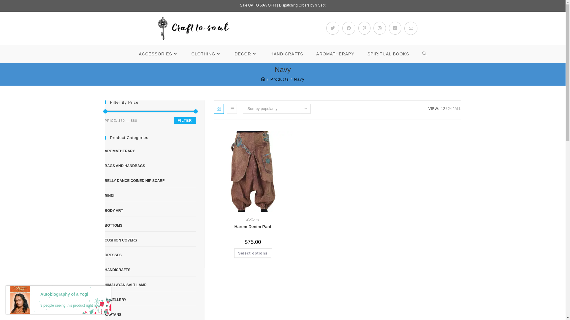 Image resolution: width=570 pixels, height=320 pixels. I want to click on 'List view', so click(226, 108).